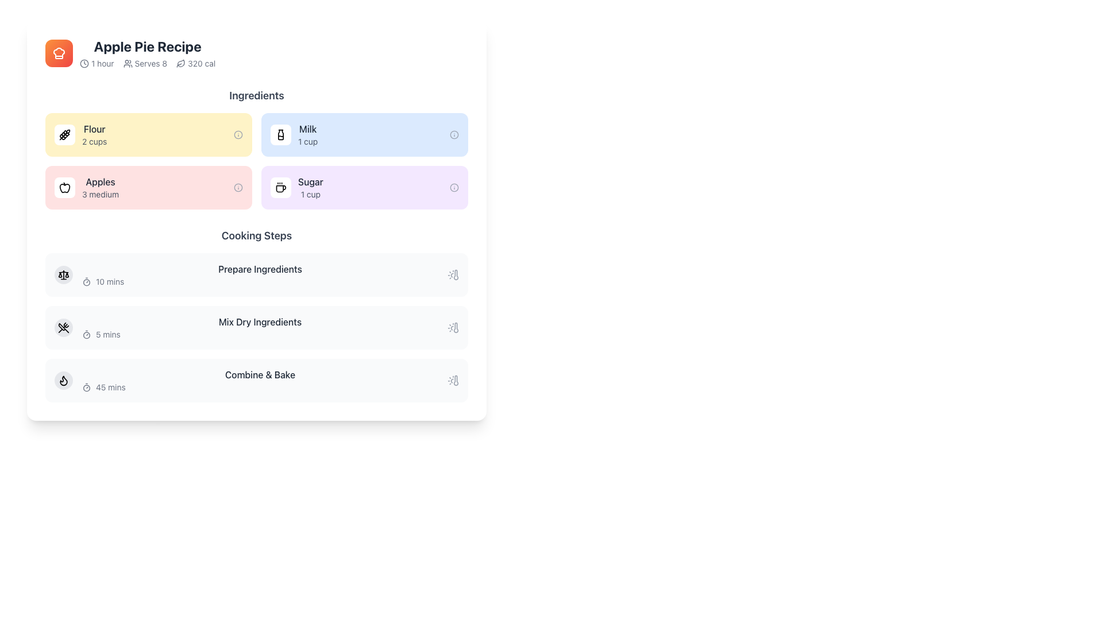 This screenshot has height=620, width=1103. I want to click on the user group icon located within the 'Serves 8' label at the top left corner of the recipe card, so click(128, 64).